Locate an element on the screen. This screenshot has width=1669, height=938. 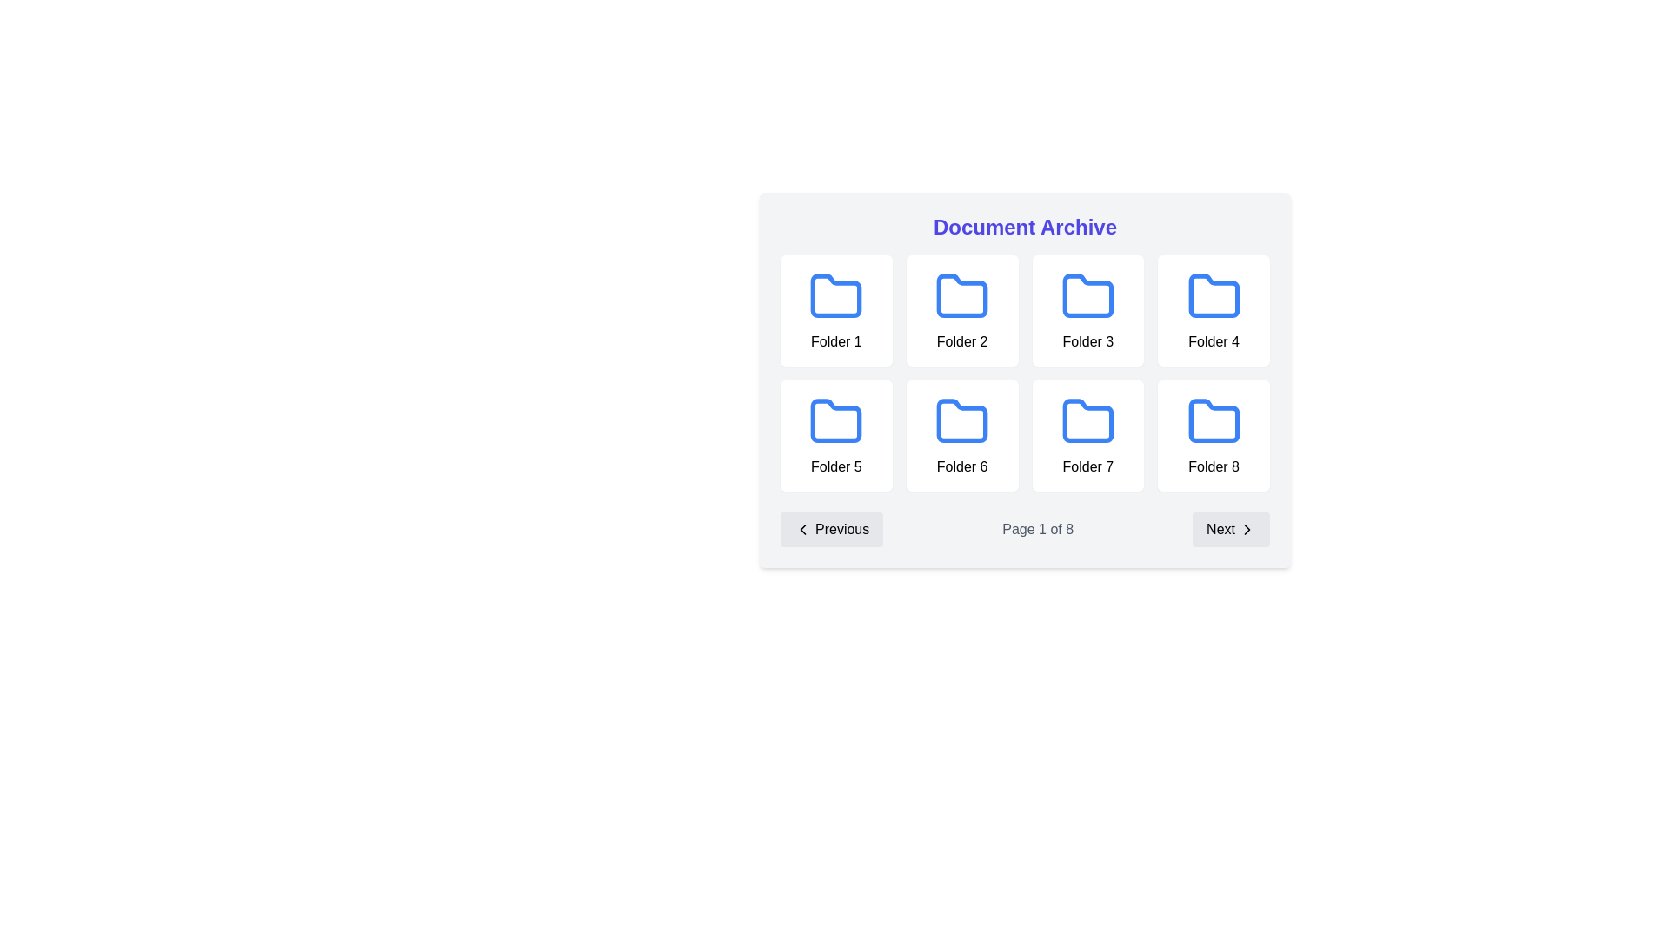
the text label 'Folder 1' that is centrally aligned beneath its associated folder icon, located in the first column of the first row of the grid layout under 'Document Archive' is located at coordinates (836, 341).